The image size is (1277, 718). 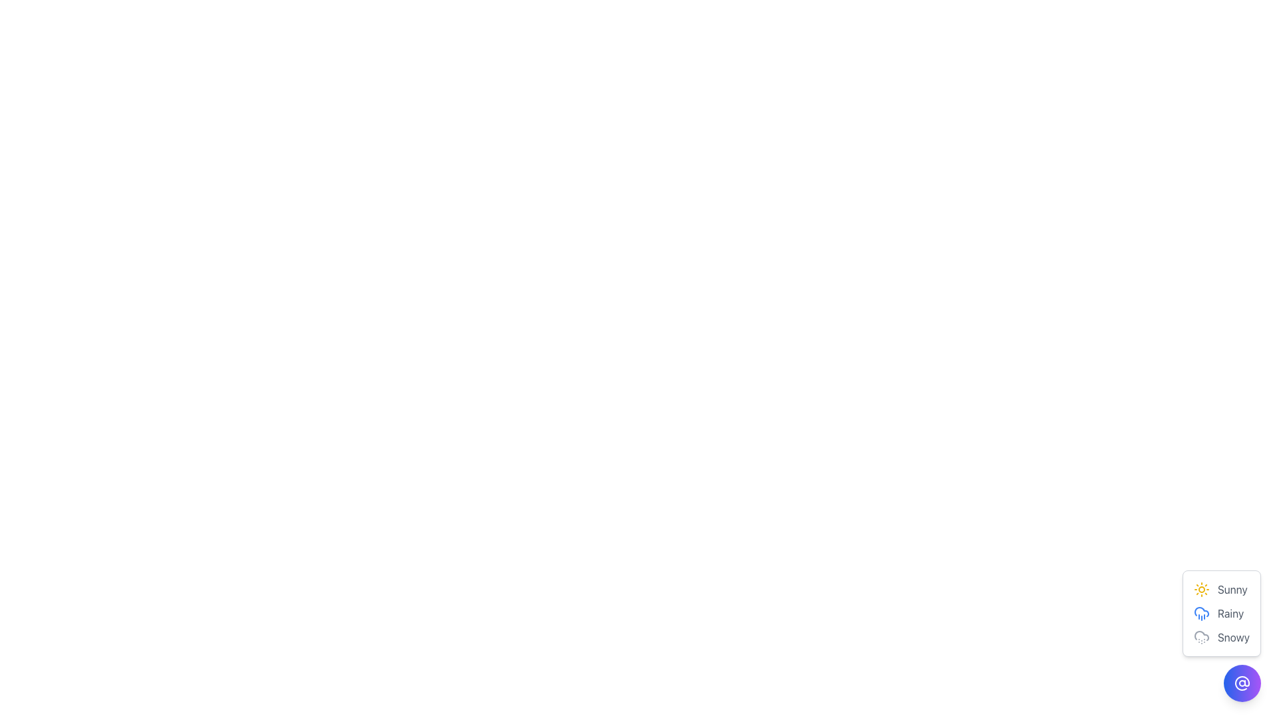 What do you see at coordinates (1221, 613) in the screenshot?
I see `the rainy weather icon with label in the weather-related interface` at bounding box center [1221, 613].